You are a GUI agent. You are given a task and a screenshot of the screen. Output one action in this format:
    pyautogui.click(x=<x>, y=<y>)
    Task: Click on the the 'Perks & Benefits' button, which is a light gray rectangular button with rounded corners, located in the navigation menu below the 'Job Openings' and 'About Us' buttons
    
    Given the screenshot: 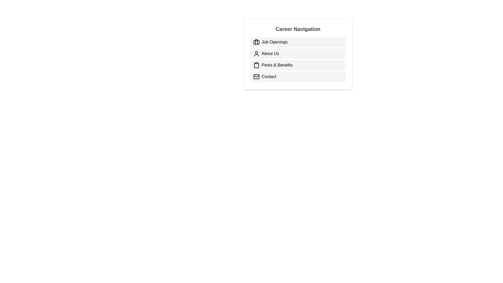 What is the action you would take?
    pyautogui.click(x=298, y=65)
    